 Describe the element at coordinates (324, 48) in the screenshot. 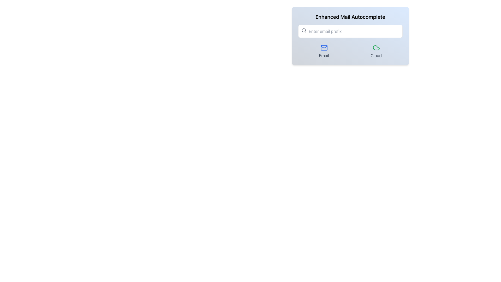

I see `the rectangular element with rounded corners that is part of the envelope graphic, located in the top portion of the interface beneath the 'Enhanced Mail Autocomplete' text input box` at that location.